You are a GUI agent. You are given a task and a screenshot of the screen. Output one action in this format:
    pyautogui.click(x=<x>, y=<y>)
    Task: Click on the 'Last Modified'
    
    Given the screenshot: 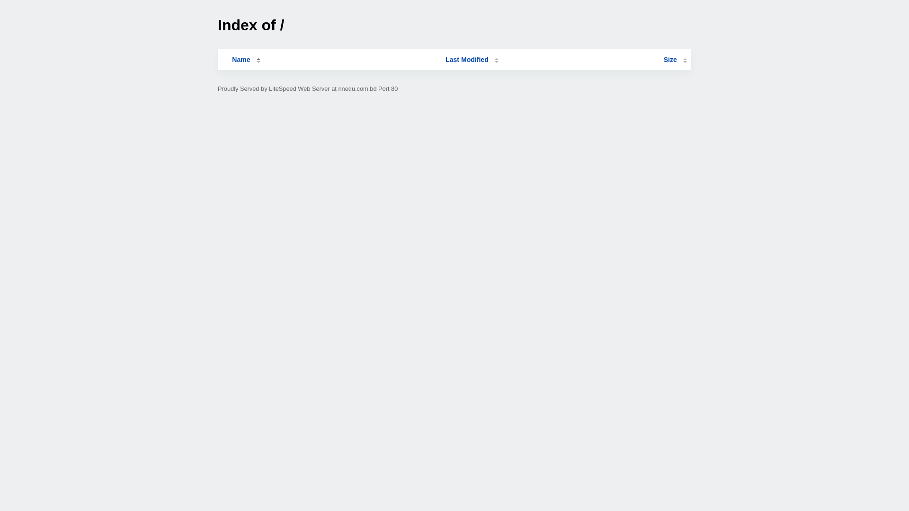 What is the action you would take?
    pyautogui.click(x=472, y=60)
    